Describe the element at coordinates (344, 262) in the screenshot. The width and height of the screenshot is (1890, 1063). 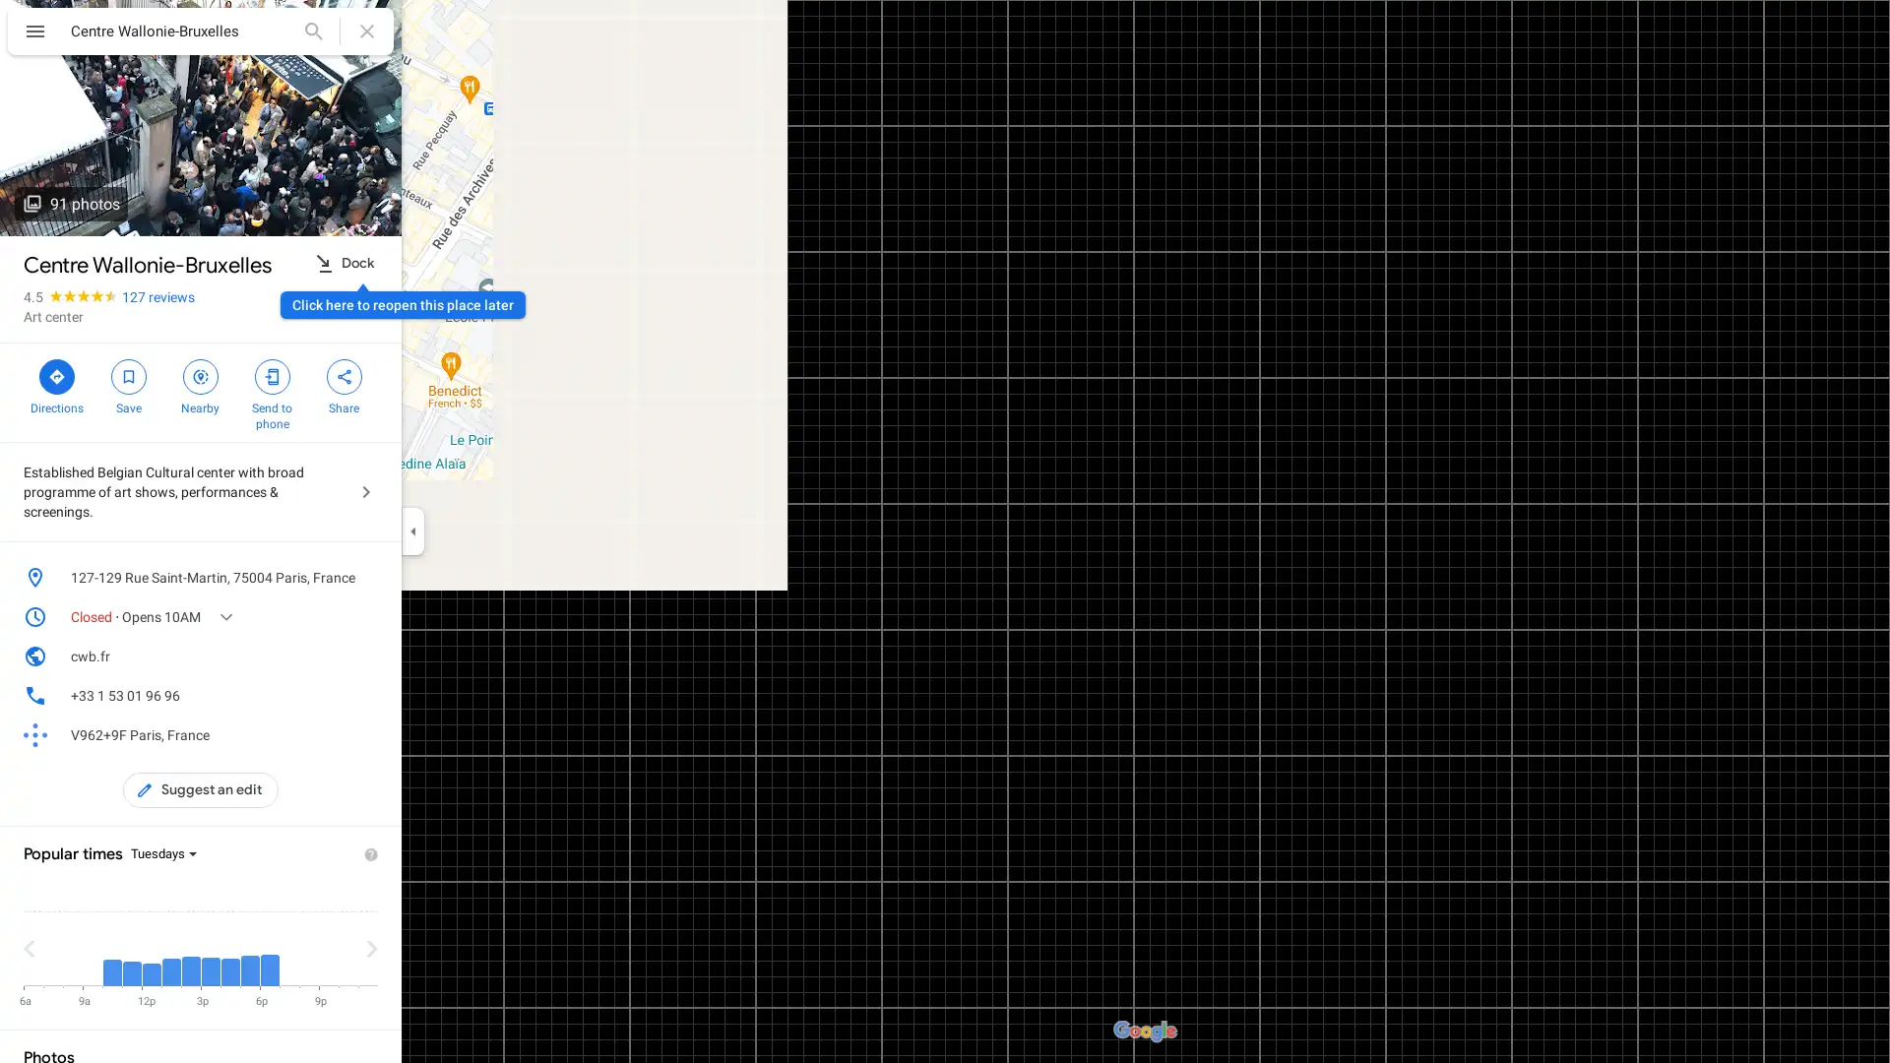
I see `Dock` at that location.